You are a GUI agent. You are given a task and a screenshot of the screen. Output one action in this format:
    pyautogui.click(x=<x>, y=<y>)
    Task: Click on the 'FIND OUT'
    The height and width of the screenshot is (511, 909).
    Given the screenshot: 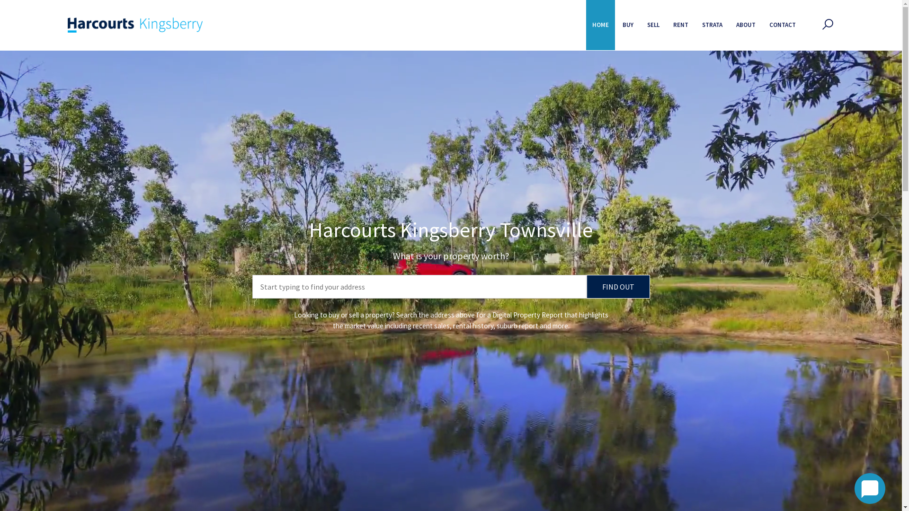 What is the action you would take?
    pyautogui.click(x=586, y=286)
    